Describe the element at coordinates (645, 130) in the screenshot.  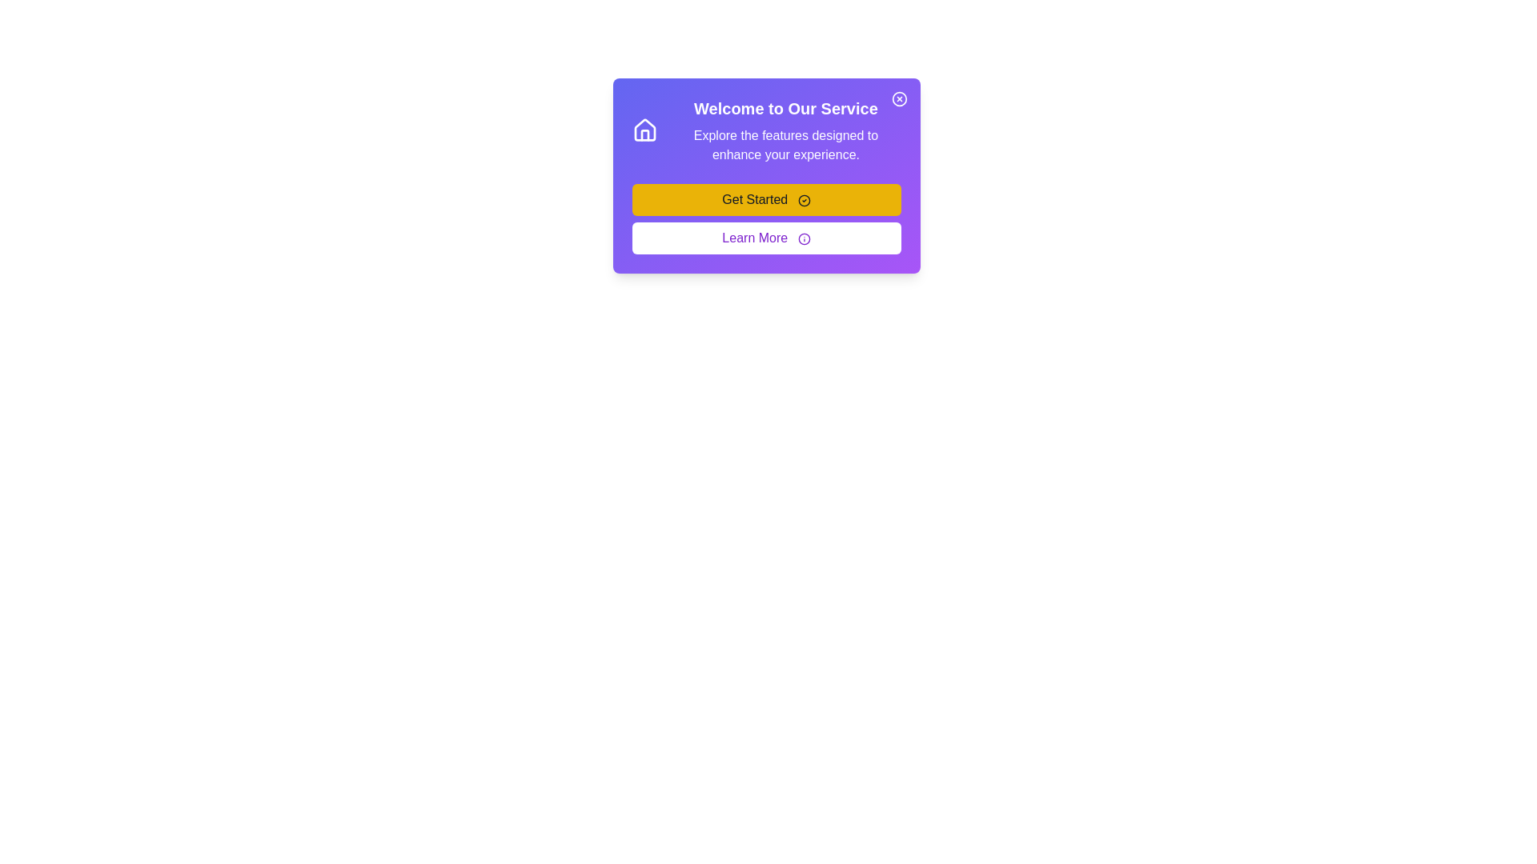
I see `the house-shaped icon with a purple fill and white interior, positioned to the left of the title in the modal interface` at that location.